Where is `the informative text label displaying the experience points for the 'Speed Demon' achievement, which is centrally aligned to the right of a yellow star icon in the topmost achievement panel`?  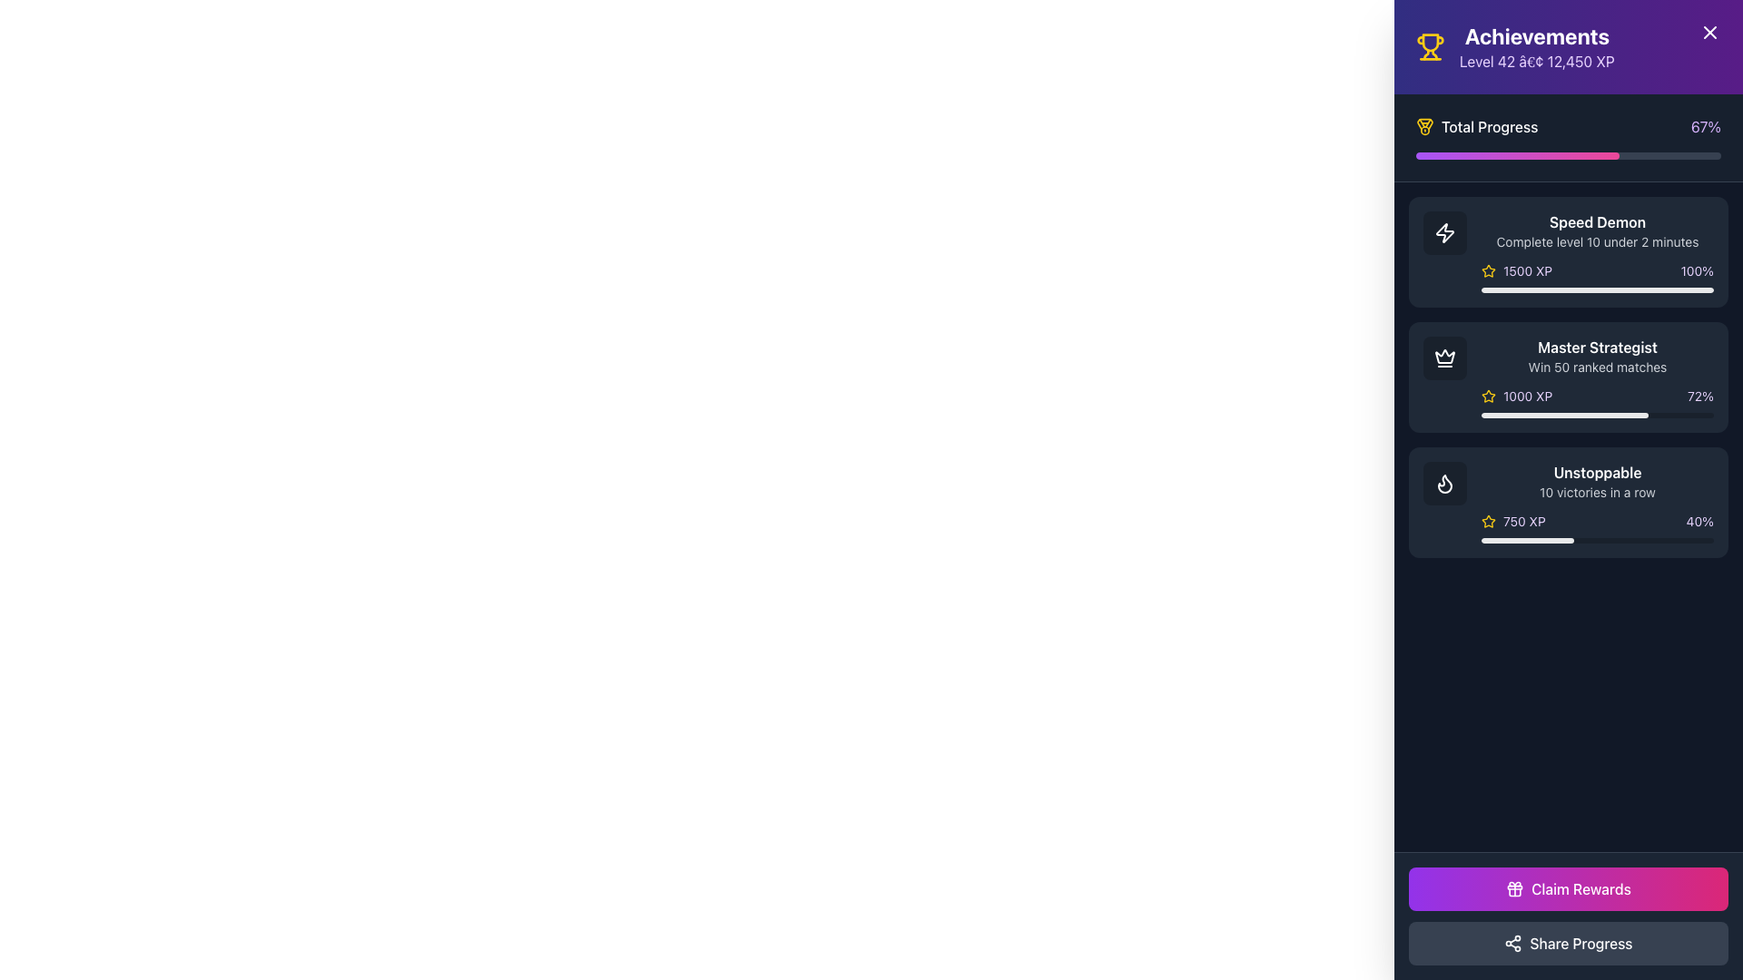
the informative text label displaying the experience points for the 'Speed Demon' achievement, which is centrally aligned to the right of a yellow star icon in the topmost achievement panel is located at coordinates (1527, 271).